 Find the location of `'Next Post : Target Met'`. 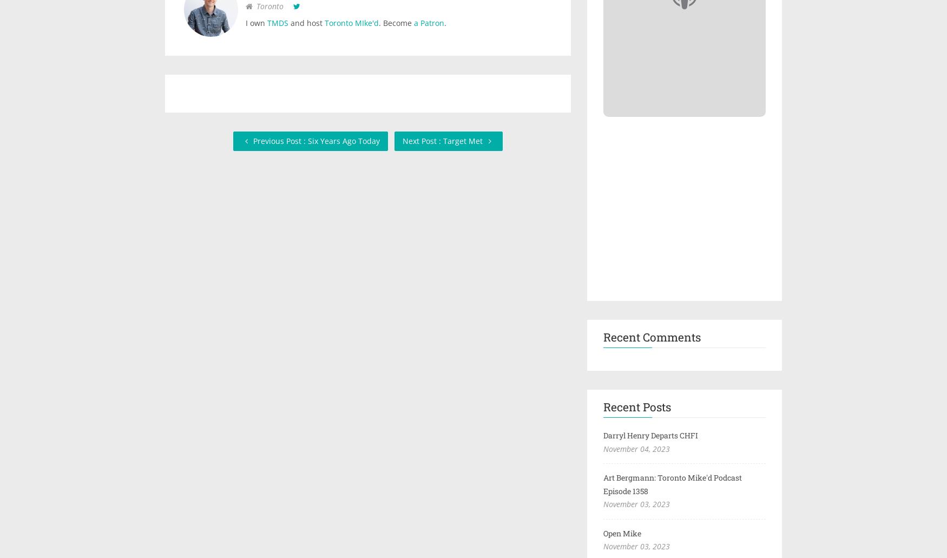

'Next Post : Target Met' is located at coordinates (444, 141).